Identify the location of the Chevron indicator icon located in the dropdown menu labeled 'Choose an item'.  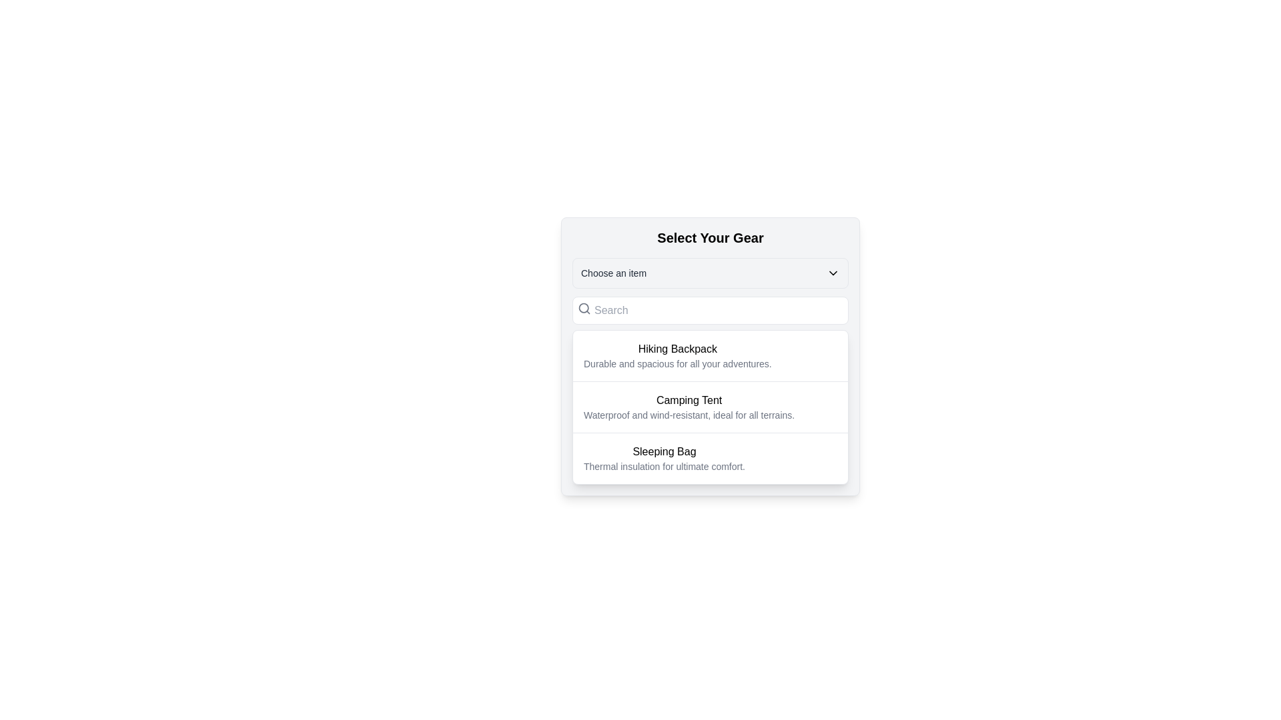
(832, 272).